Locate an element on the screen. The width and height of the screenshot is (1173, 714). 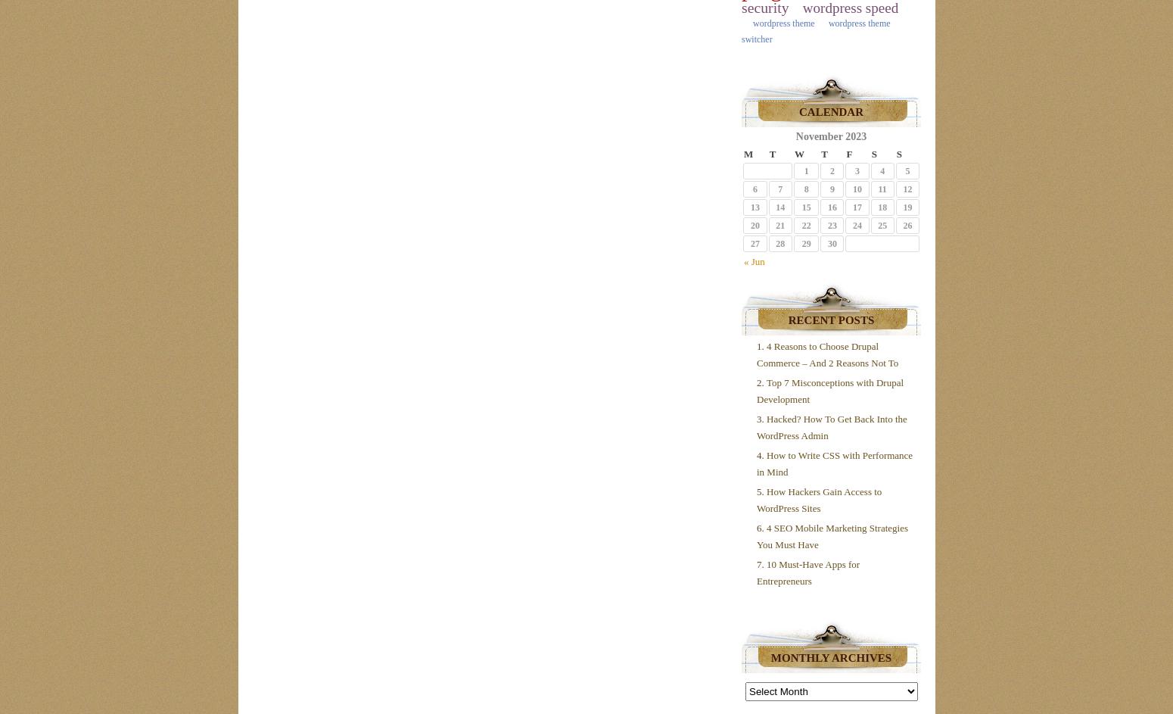
'Monthly Archives' is located at coordinates (830, 657).